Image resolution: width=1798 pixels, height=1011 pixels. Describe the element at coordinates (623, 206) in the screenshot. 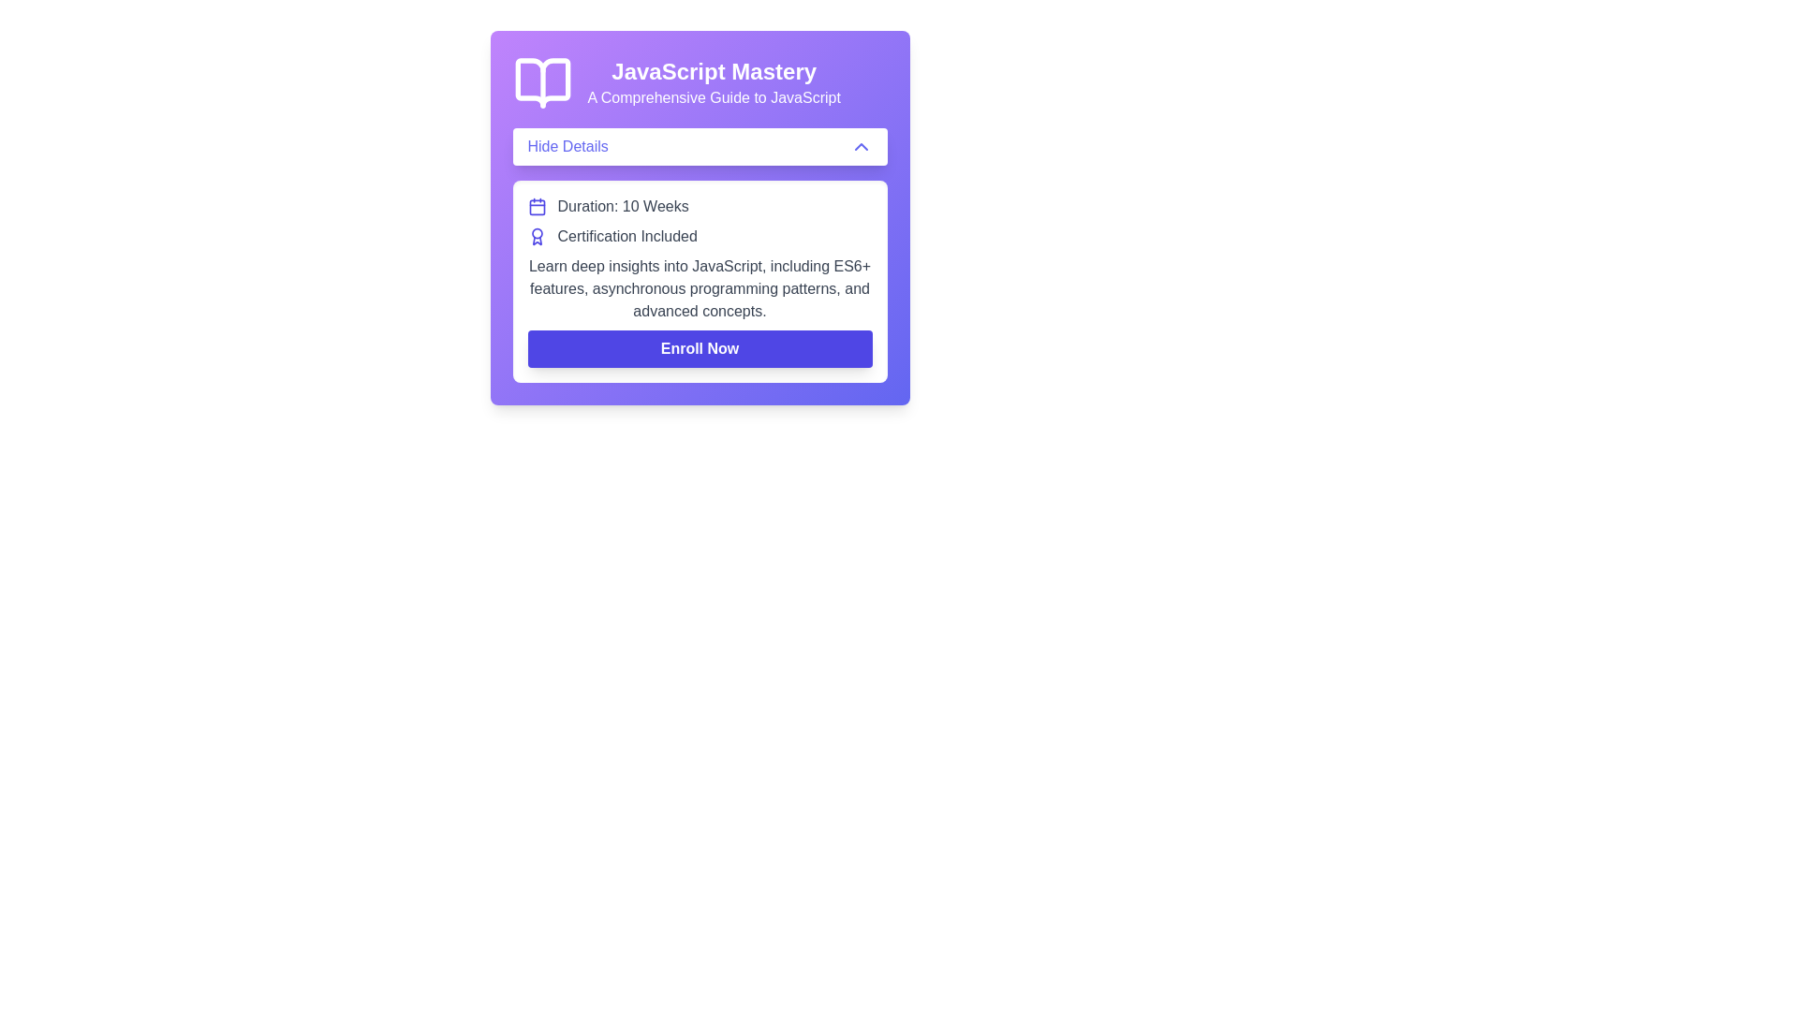

I see `the text label displaying 'Duration: 10 Weeks', which is located in the middle of a card interface, to the right of a calendar icon and above the 'Certification Included' text` at that location.